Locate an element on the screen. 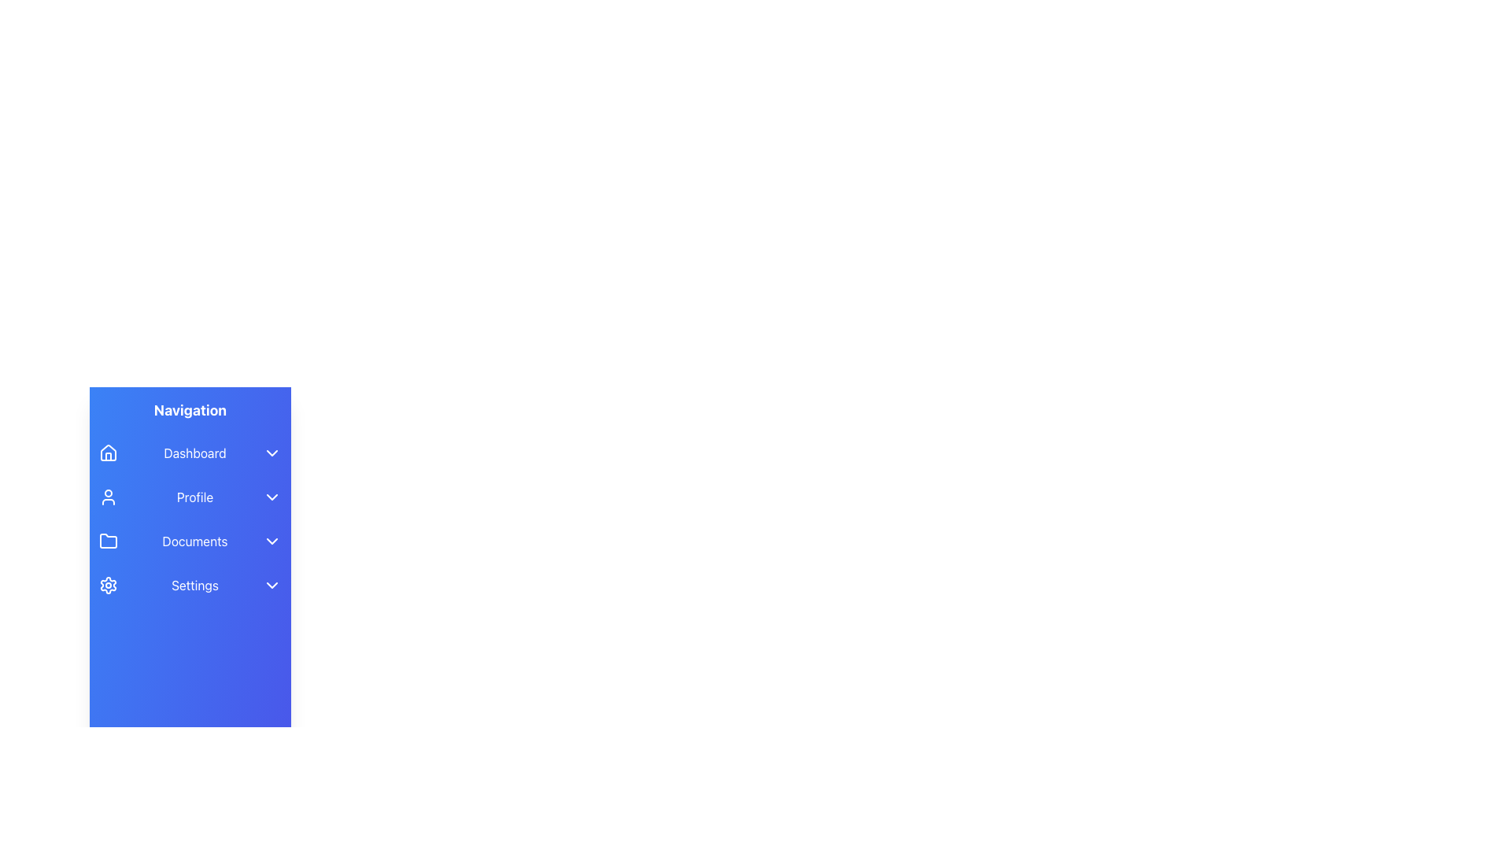 This screenshot has height=850, width=1511. the door part of the house-shaped icon in the sidebar menu is located at coordinates (108, 456).